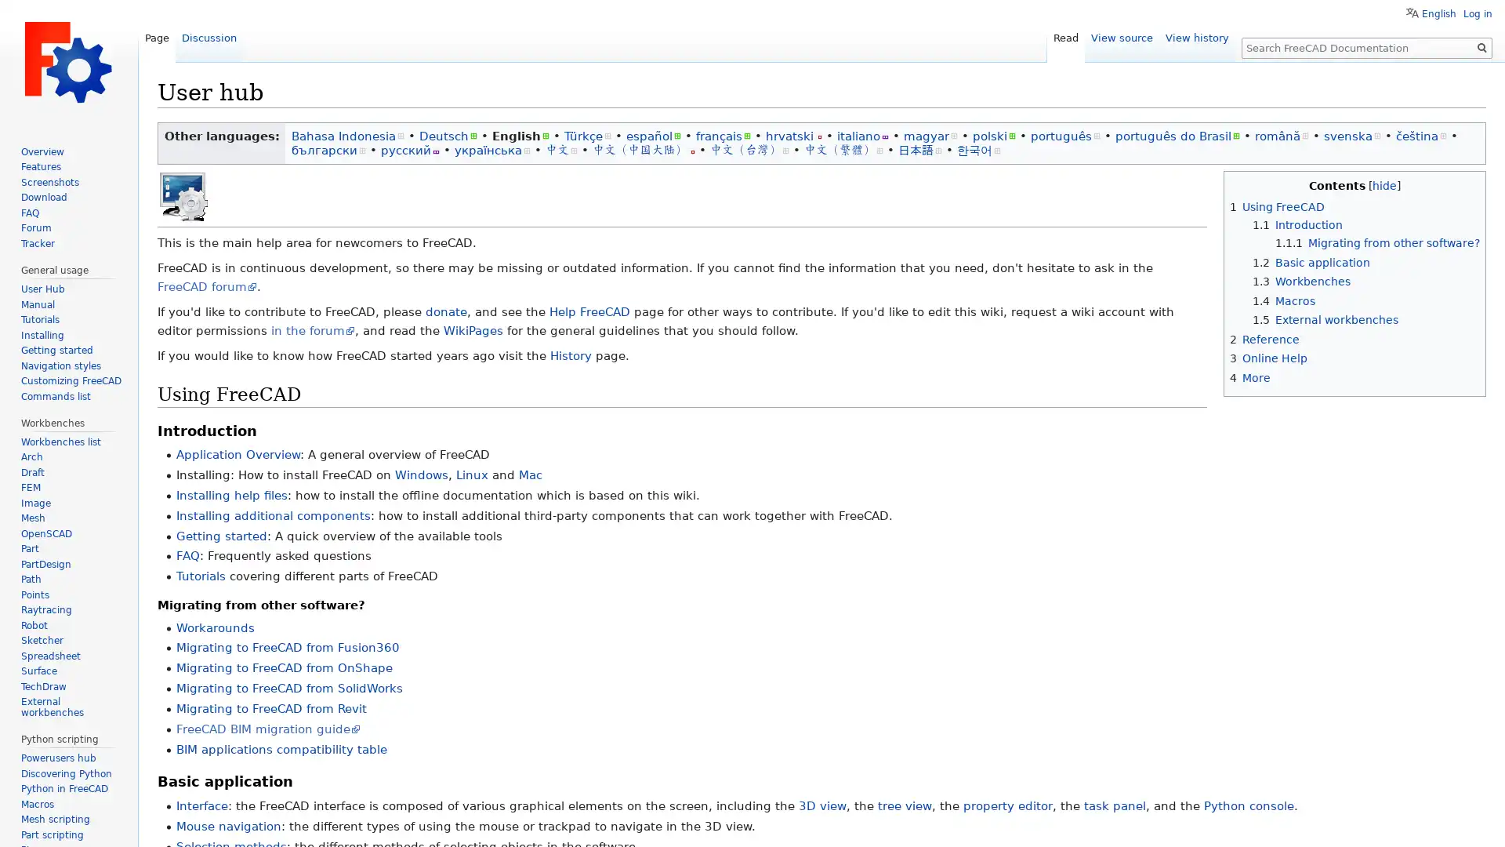 Image resolution: width=1505 pixels, height=847 pixels. Describe the element at coordinates (1481, 47) in the screenshot. I see `Go` at that location.